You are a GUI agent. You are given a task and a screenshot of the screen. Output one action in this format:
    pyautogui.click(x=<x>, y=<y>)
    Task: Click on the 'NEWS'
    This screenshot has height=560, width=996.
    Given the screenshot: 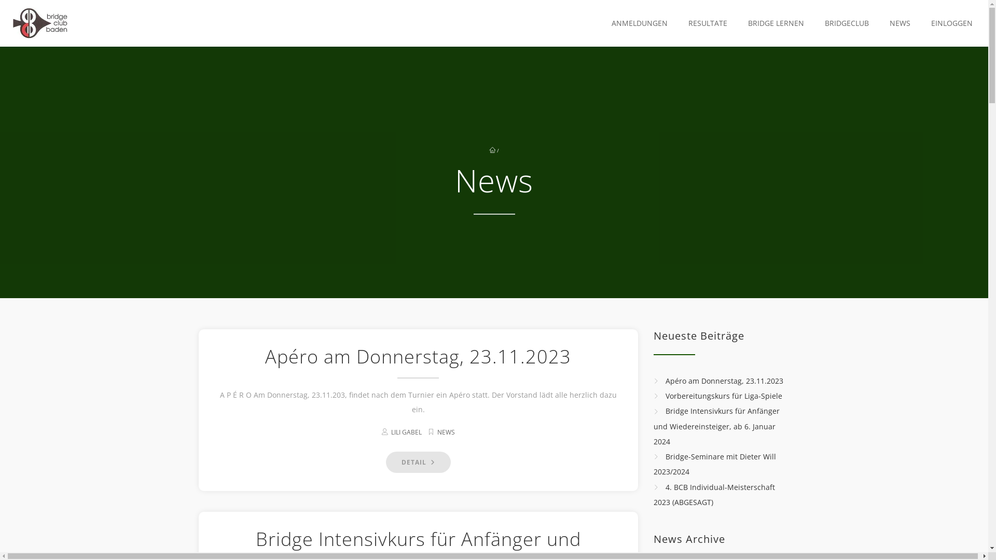 What is the action you would take?
    pyautogui.click(x=896, y=23)
    